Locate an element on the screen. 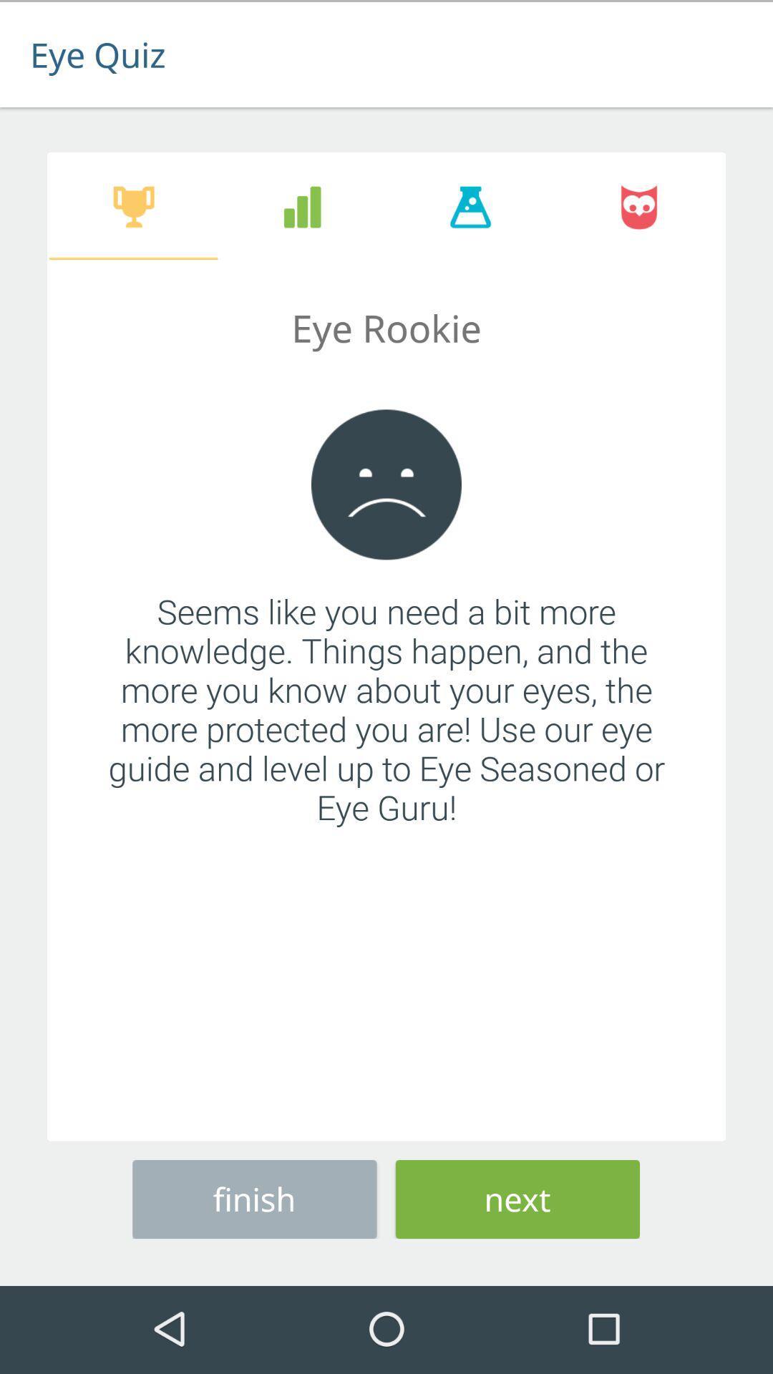  button next to next icon is located at coordinates (253, 1197).